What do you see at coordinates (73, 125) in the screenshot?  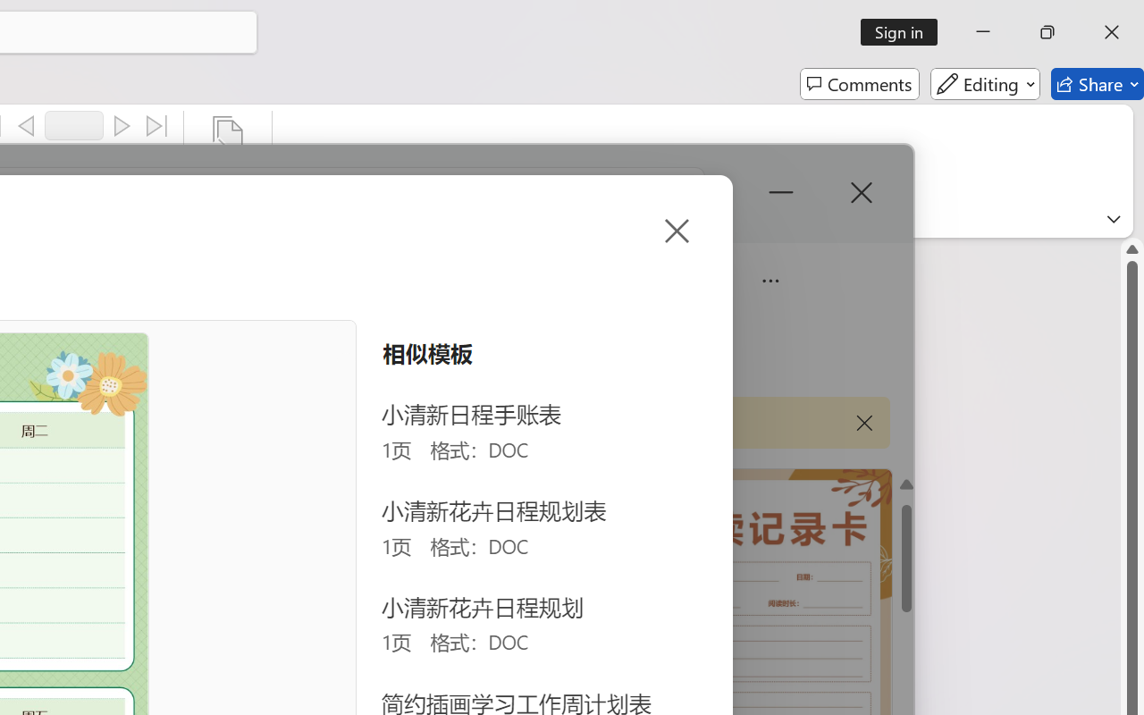 I see `'Record'` at bounding box center [73, 125].